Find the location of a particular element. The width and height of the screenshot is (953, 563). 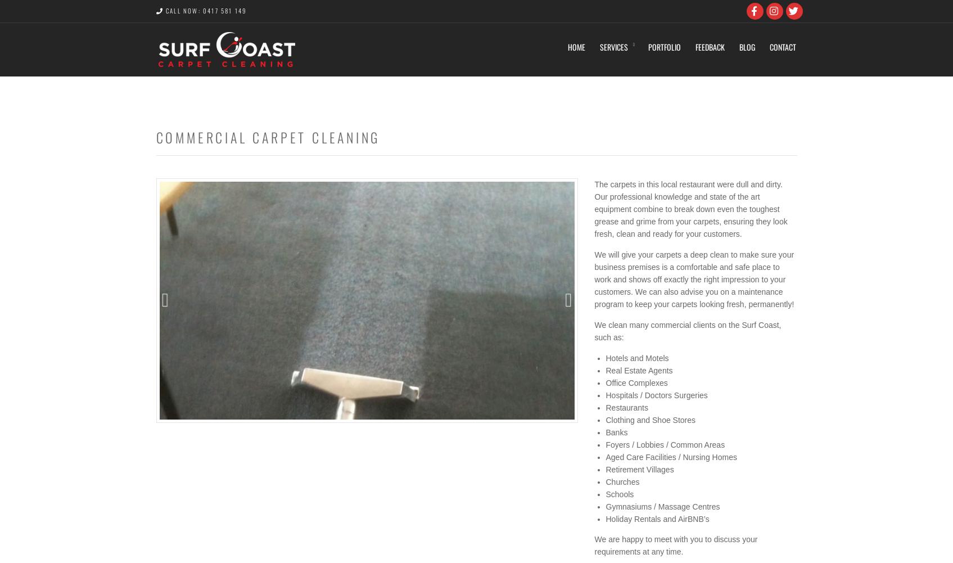

'Banks' is located at coordinates (616, 432).